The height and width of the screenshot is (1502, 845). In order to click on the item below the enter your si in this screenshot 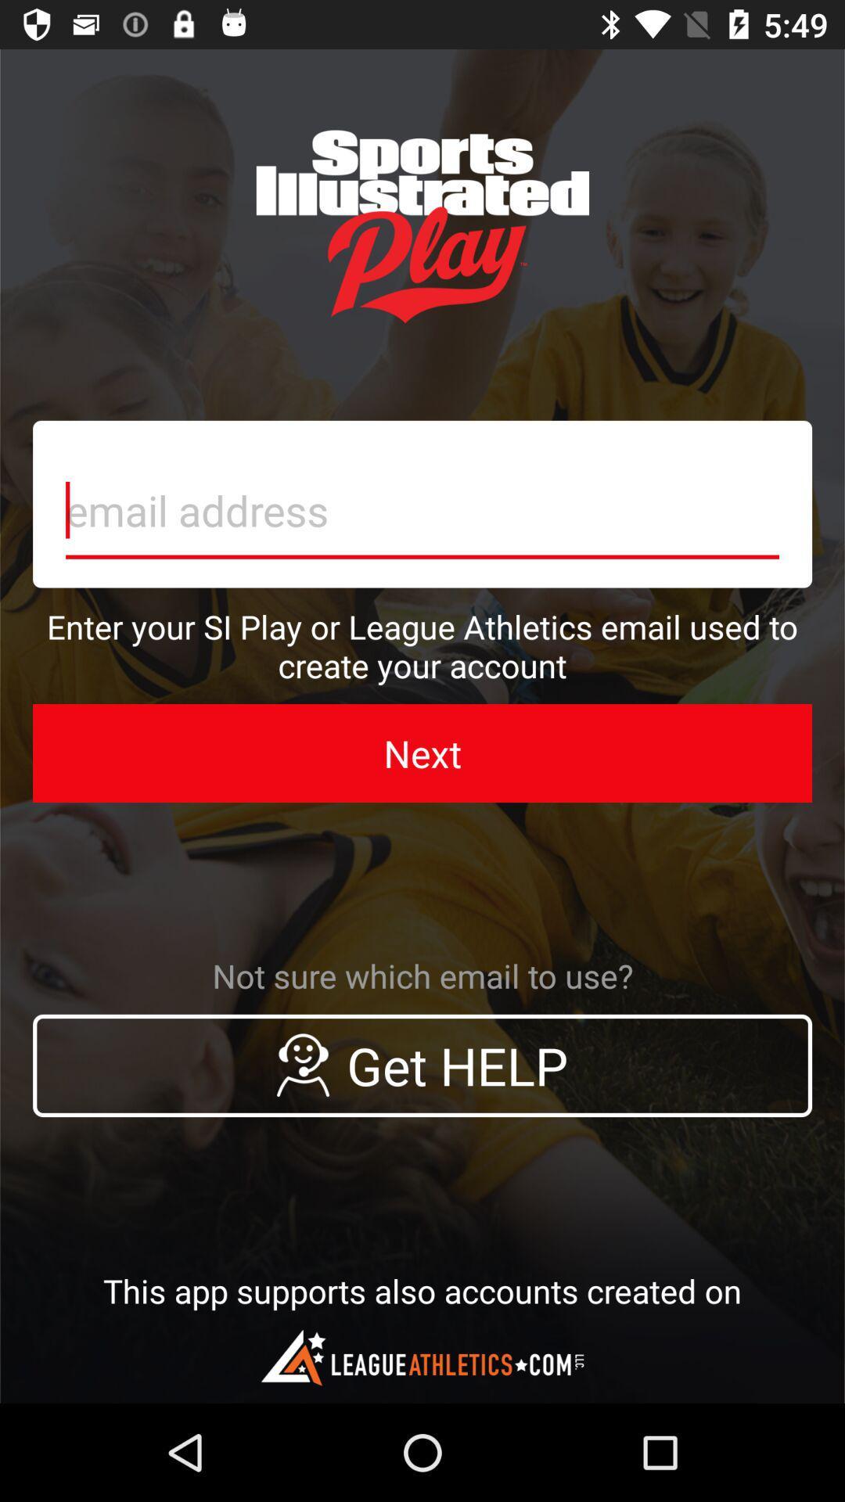, I will do `click(422, 753)`.